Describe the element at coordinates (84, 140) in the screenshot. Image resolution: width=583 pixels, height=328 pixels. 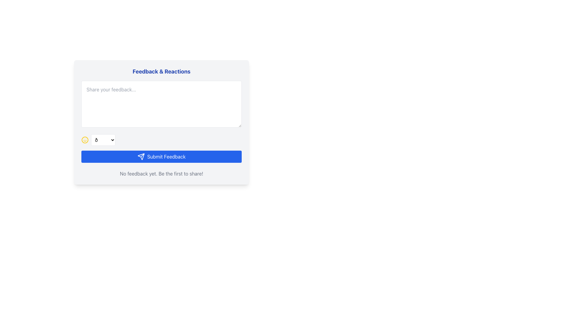
I see `the smiling face icon within the yellow circular boundary at the top-left corner of the feedback form` at that location.